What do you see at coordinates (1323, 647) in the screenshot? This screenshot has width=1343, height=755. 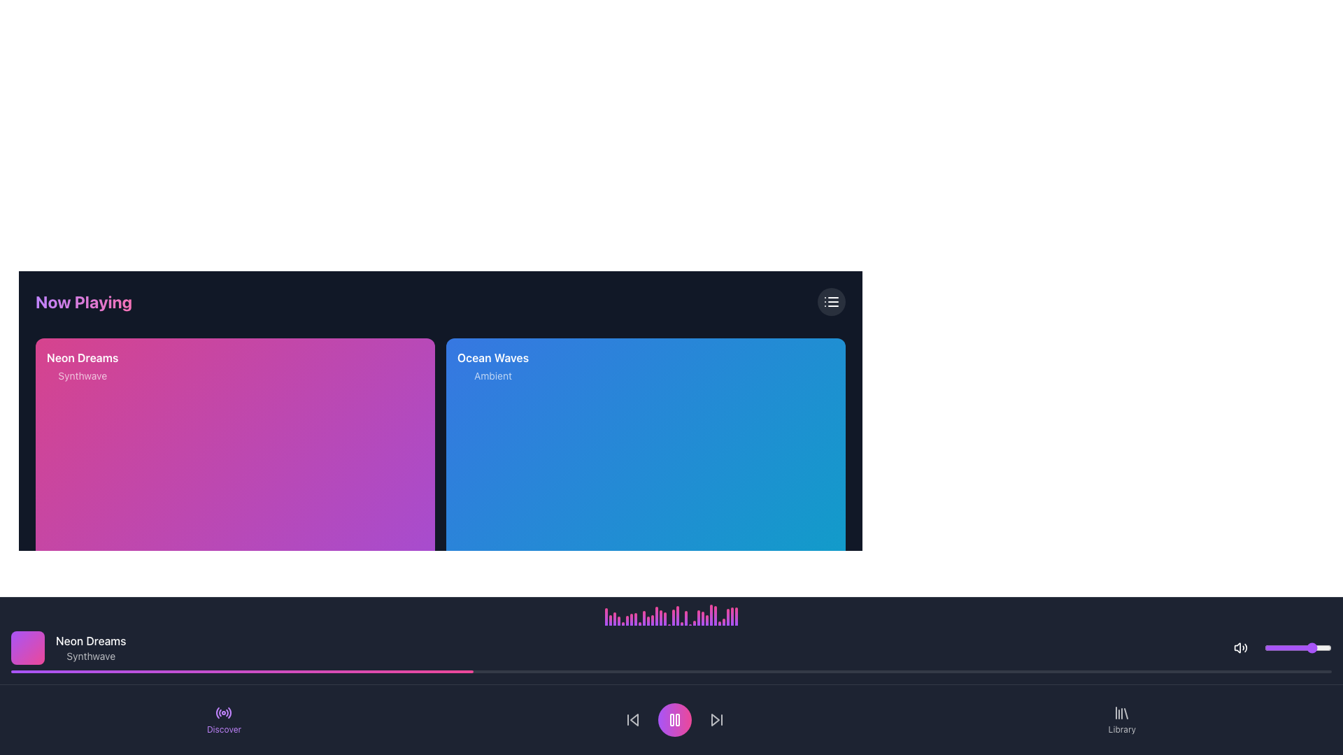 I see `the slider` at bounding box center [1323, 647].